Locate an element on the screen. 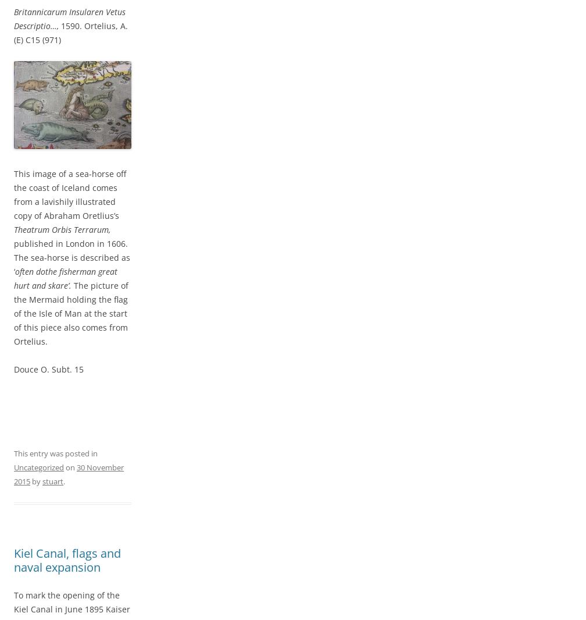  'Britannicarum Insularen Vetus Descriptio…,' is located at coordinates (69, 17).